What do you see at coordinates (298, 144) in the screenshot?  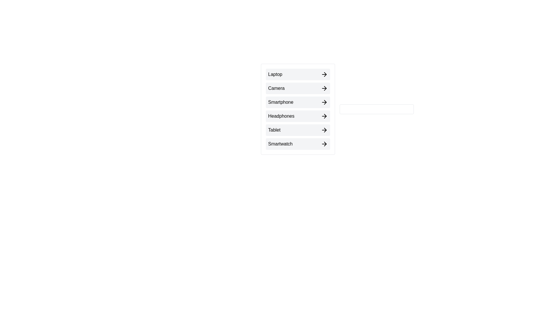 I see `the item Smartwatch to highlight it` at bounding box center [298, 144].